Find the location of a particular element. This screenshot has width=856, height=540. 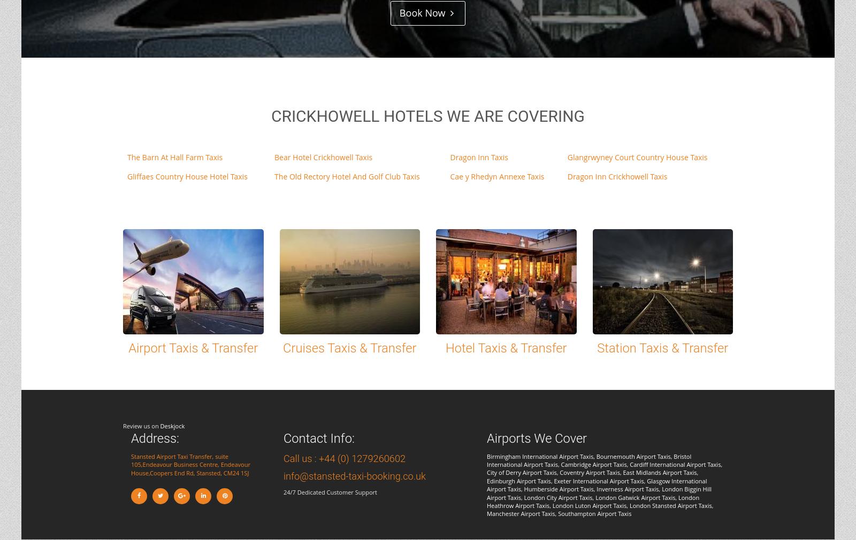

'City of Derry Airport Taxis' is located at coordinates (521, 472).